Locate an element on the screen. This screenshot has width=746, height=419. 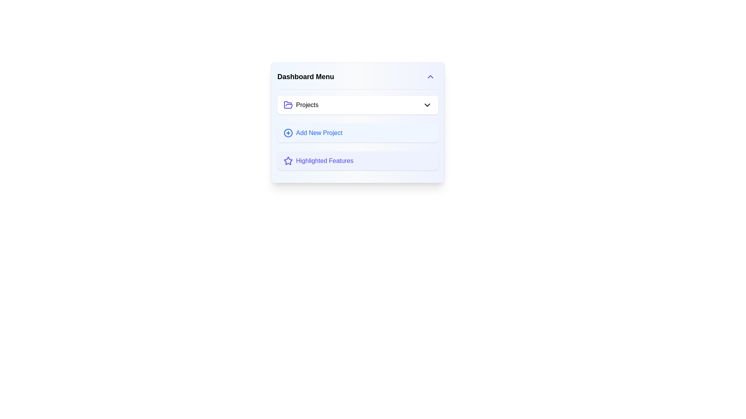
the button that contains the visual icon for 'Add New Project', located to the left of the text in the second row of the vertical list under the 'Dashboard Menu' is located at coordinates (288, 133).